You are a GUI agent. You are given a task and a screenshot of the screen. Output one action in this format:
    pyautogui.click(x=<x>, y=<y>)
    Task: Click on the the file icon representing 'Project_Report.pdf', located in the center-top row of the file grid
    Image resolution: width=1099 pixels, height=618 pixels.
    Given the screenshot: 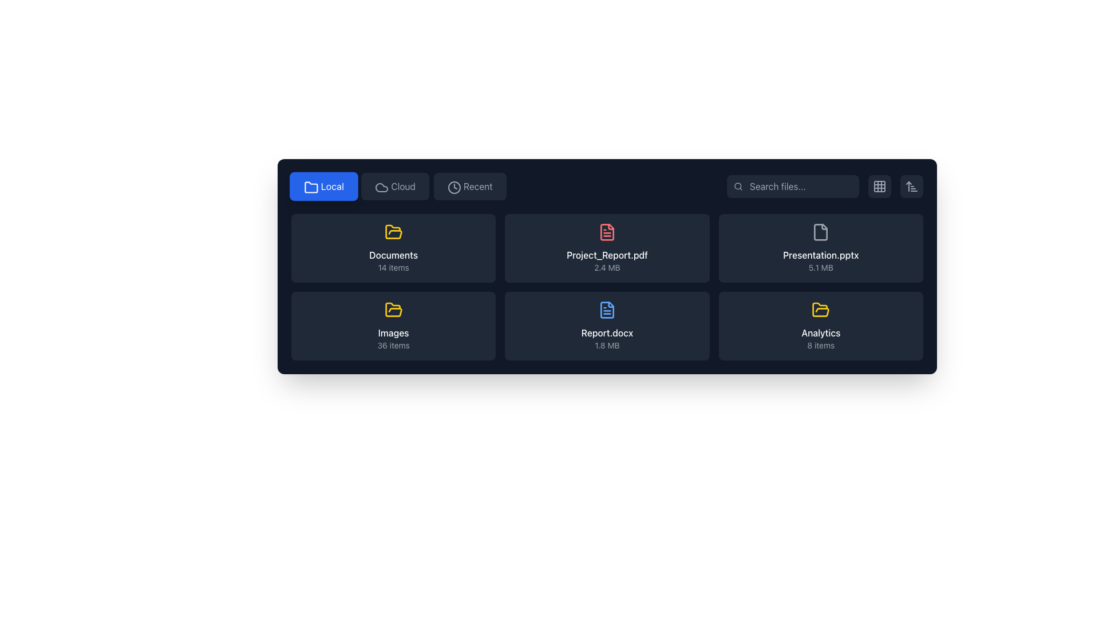 What is the action you would take?
    pyautogui.click(x=606, y=232)
    